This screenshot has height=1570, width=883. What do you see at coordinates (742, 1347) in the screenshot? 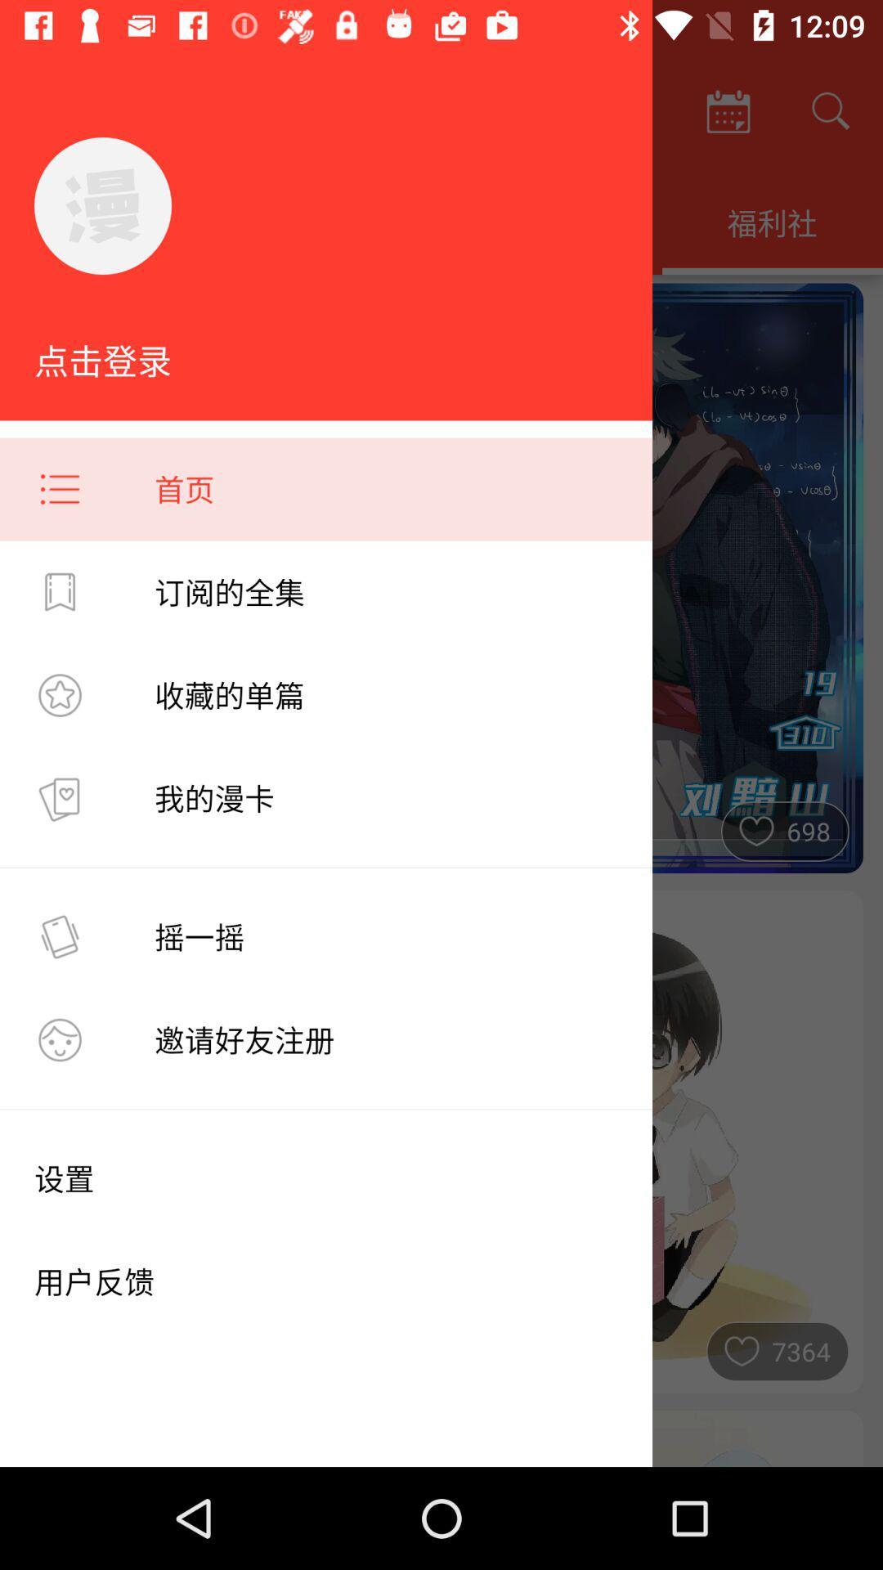
I see `the heart symbol to the left of the numeric 7364` at bounding box center [742, 1347].